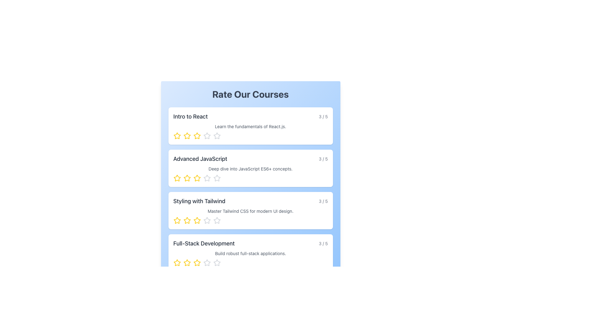 The height and width of the screenshot is (336, 598). What do you see at coordinates (187, 178) in the screenshot?
I see `the second star in the rating sequence of the 'Advanced JavaScript' course card to set the rating to 2 stars` at bounding box center [187, 178].